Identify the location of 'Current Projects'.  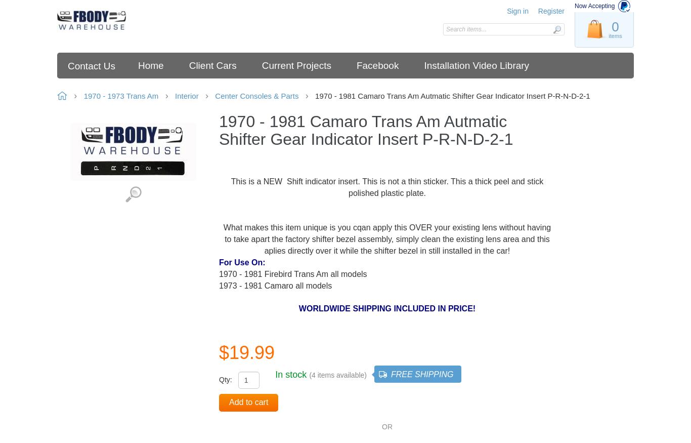
(295, 65).